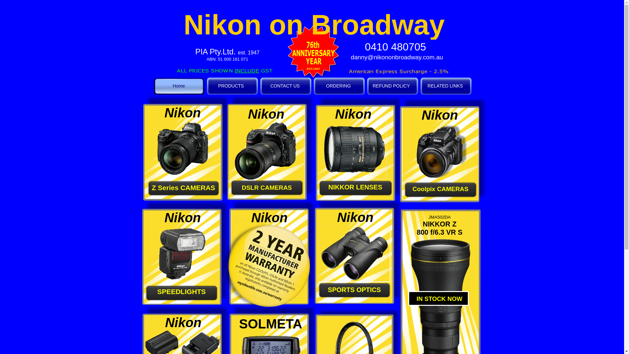 This screenshot has height=354, width=629. What do you see at coordinates (205, 86) in the screenshot?
I see `'PRODUCTS  '` at bounding box center [205, 86].